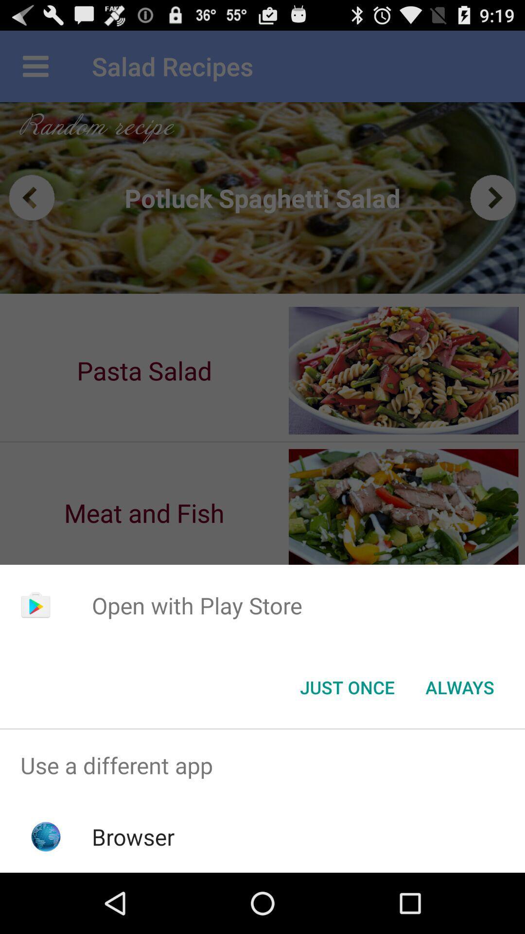  Describe the element at coordinates (459, 686) in the screenshot. I see `app below the open with play` at that location.